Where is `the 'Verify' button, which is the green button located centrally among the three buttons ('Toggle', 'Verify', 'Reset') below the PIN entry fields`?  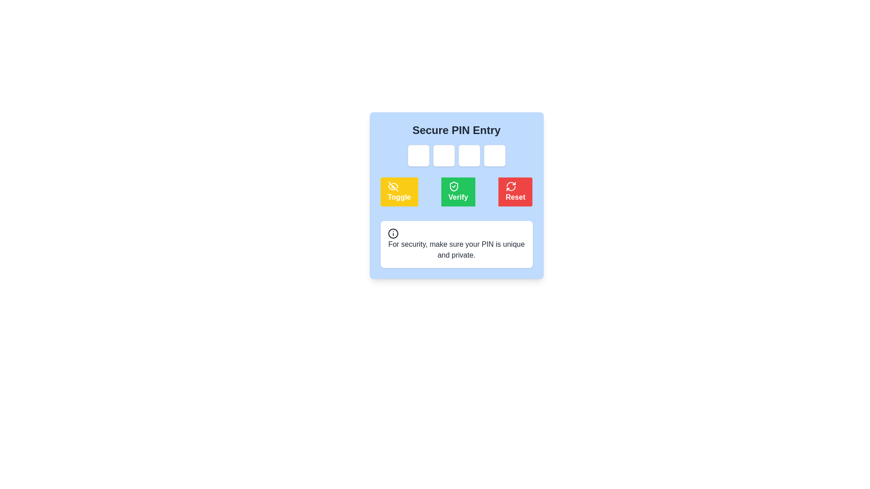
the 'Verify' button, which is the green button located centrally among the three buttons ('Toggle', 'Verify', 'Reset') below the PIN entry fields is located at coordinates (456, 192).